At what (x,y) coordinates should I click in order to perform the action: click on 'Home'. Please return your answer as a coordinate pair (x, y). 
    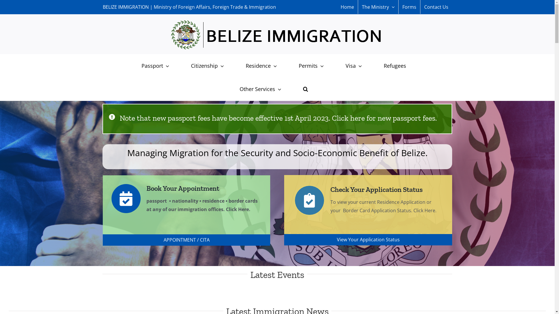
    Looking at the image, I should click on (347, 7).